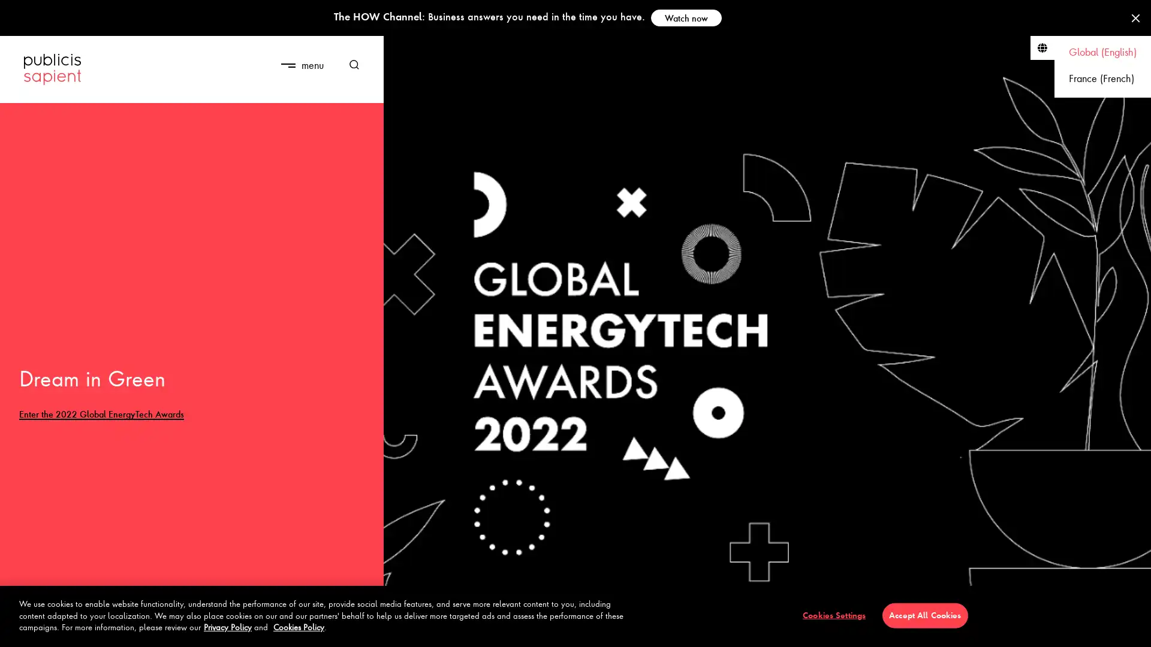 This screenshot has height=647, width=1151. I want to click on Display Slide 1, so click(40, 630).